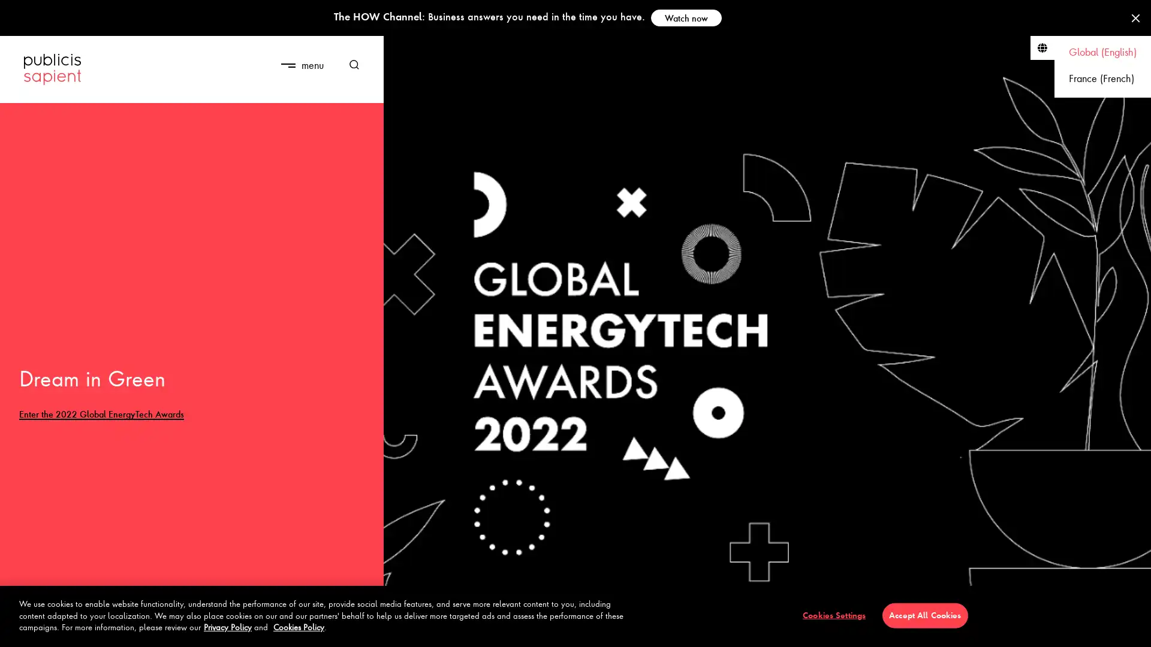 This screenshot has height=647, width=1151. I want to click on Display Slide 1, so click(40, 630).